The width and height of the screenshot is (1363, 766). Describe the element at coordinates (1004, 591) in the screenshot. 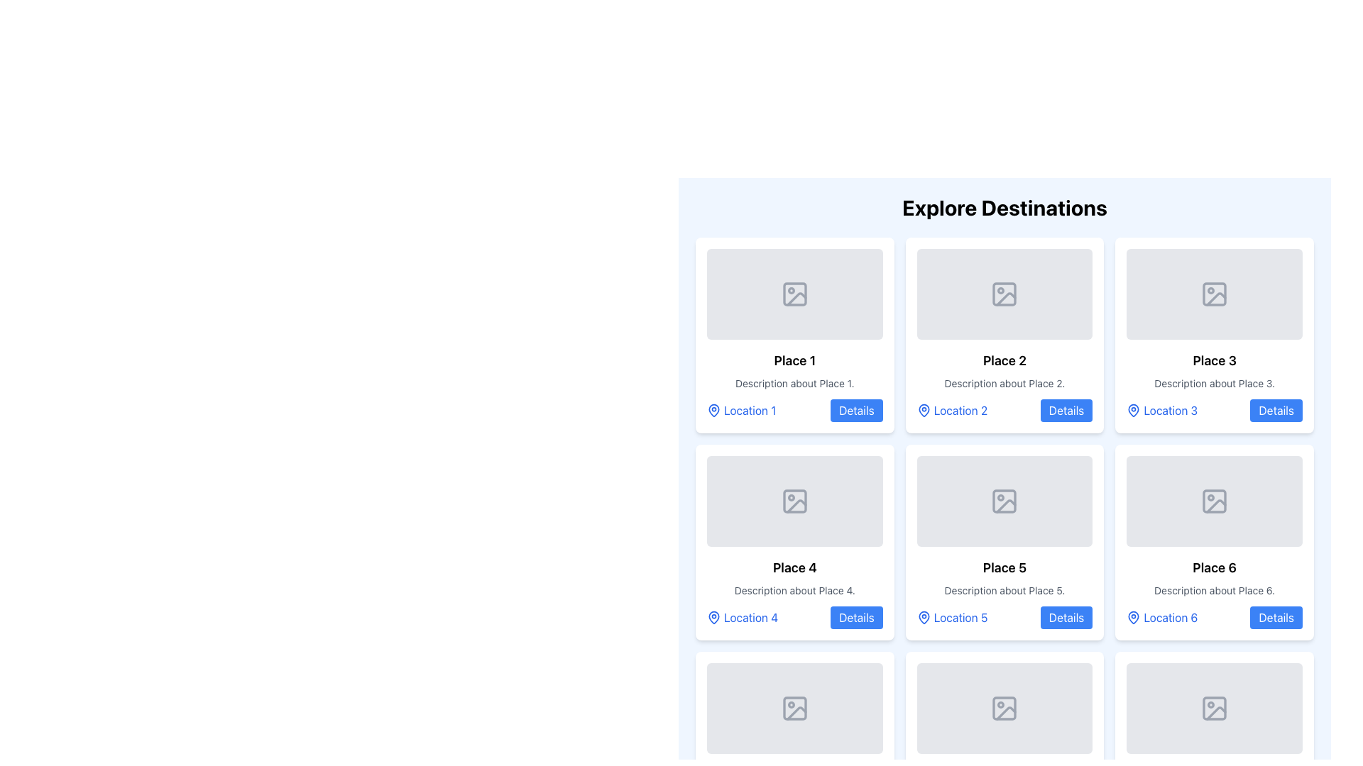

I see `the text line styled in small font size and subtle grey color displaying 'Description about Place 5.' which is located below the title 'Place 5' within its card in the grid layout` at that location.